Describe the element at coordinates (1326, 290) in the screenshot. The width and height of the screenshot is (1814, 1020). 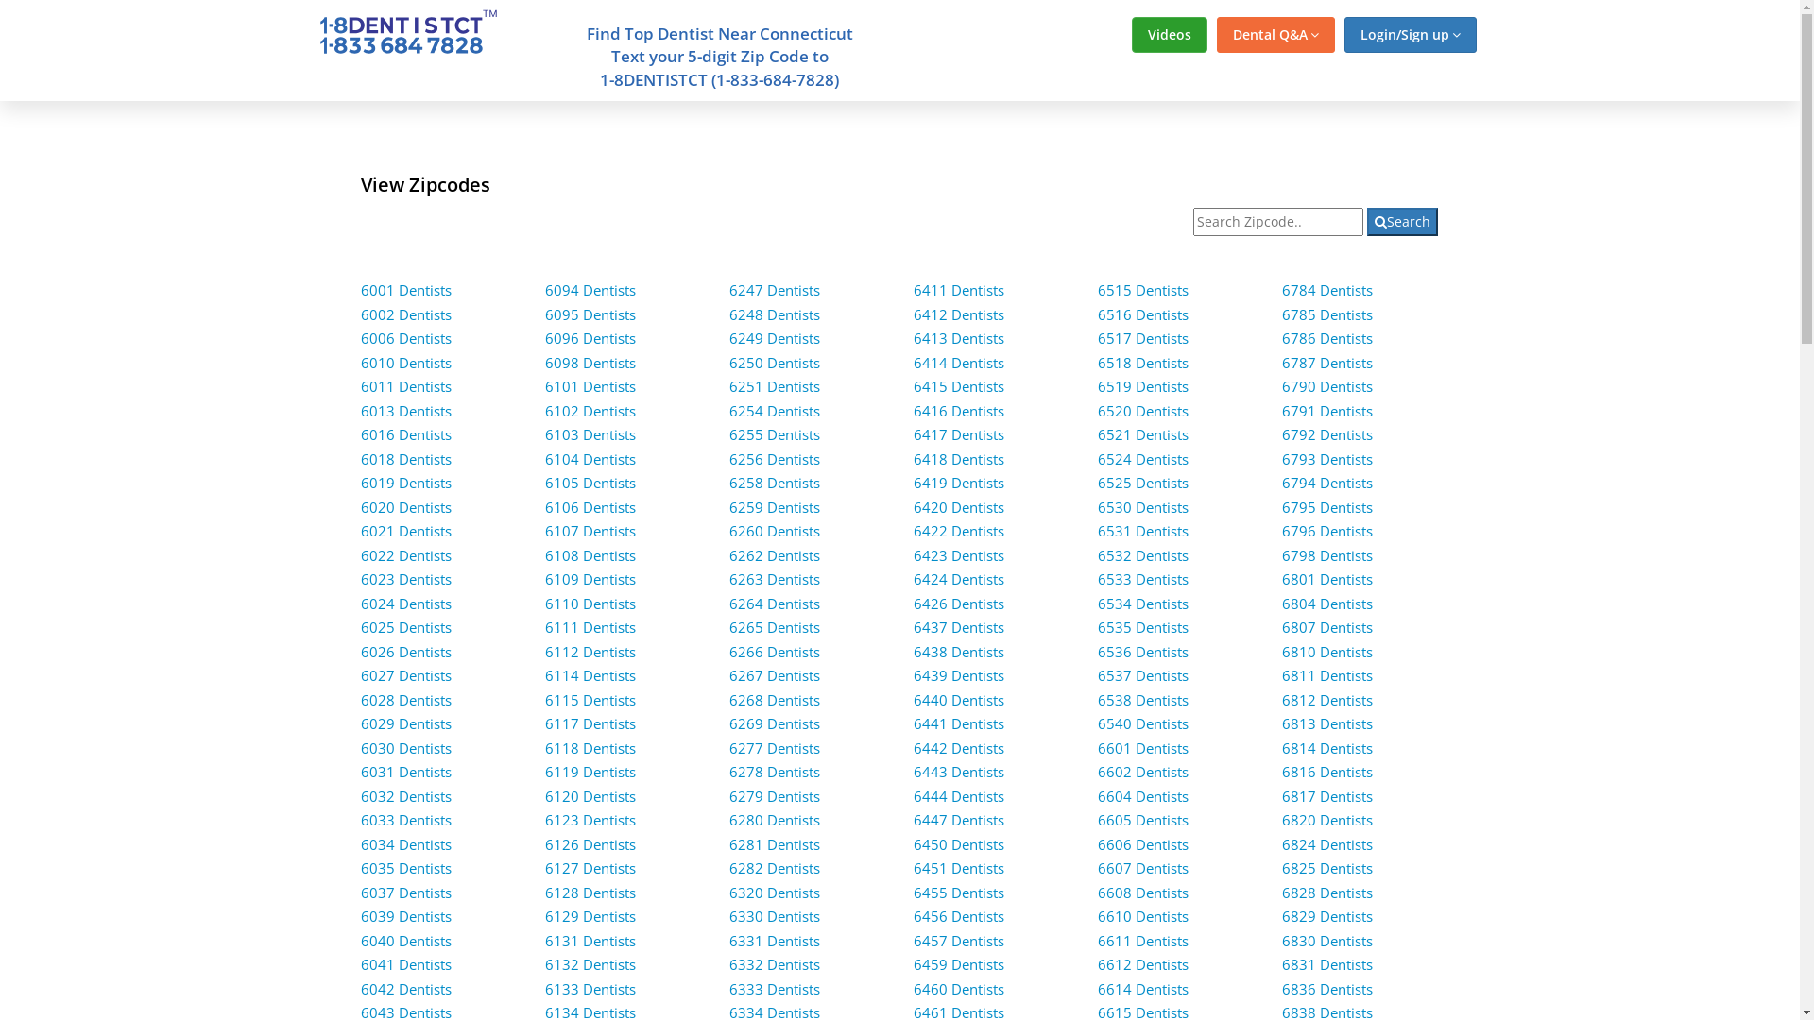
I see `'6784 Dentists'` at that location.